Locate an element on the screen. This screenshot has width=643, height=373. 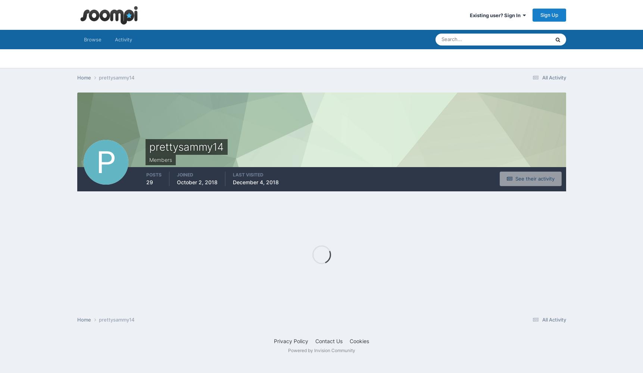
'Last visited' is located at coordinates (248, 174).